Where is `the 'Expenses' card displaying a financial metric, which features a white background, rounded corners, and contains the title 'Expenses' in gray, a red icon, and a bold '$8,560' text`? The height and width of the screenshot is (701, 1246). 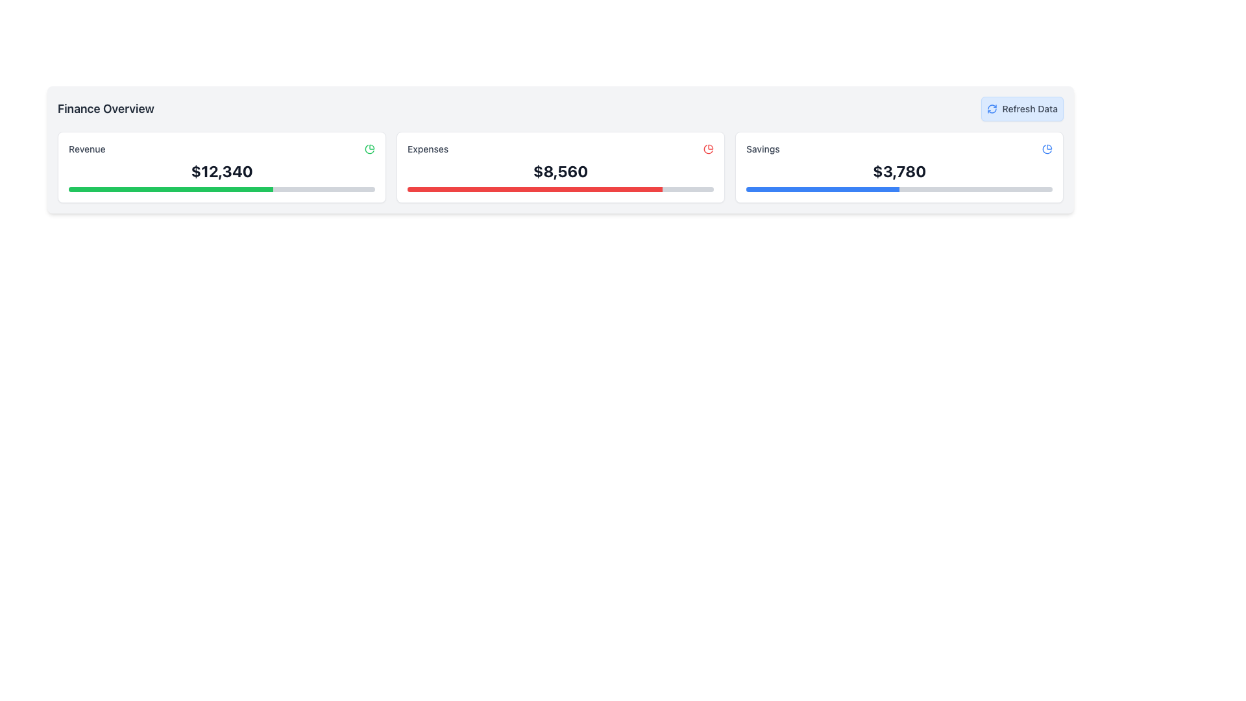 the 'Expenses' card displaying a financial metric, which features a white background, rounded corners, and contains the title 'Expenses' in gray, a red icon, and a bold '$8,560' text is located at coordinates (561, 167).